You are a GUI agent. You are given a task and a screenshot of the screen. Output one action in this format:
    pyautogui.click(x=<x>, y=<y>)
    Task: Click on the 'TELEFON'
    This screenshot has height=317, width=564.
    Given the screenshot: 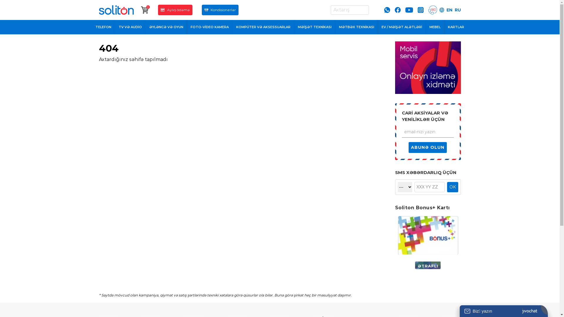 What is the action you would take?
    pyautogui.click(x=103, y=27)
    